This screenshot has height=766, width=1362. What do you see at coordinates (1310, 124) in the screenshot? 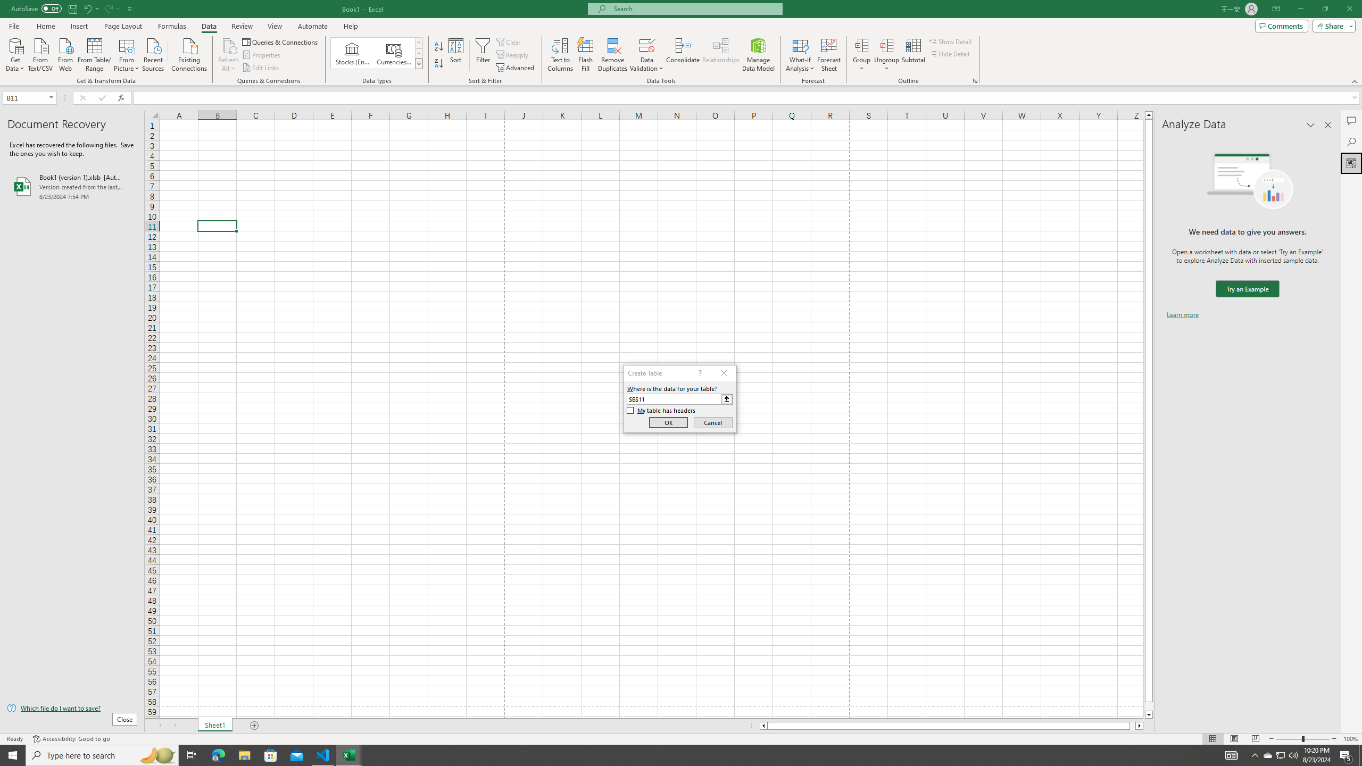
I see `'Task Pane Options'` at bounding box center [1310, 124].